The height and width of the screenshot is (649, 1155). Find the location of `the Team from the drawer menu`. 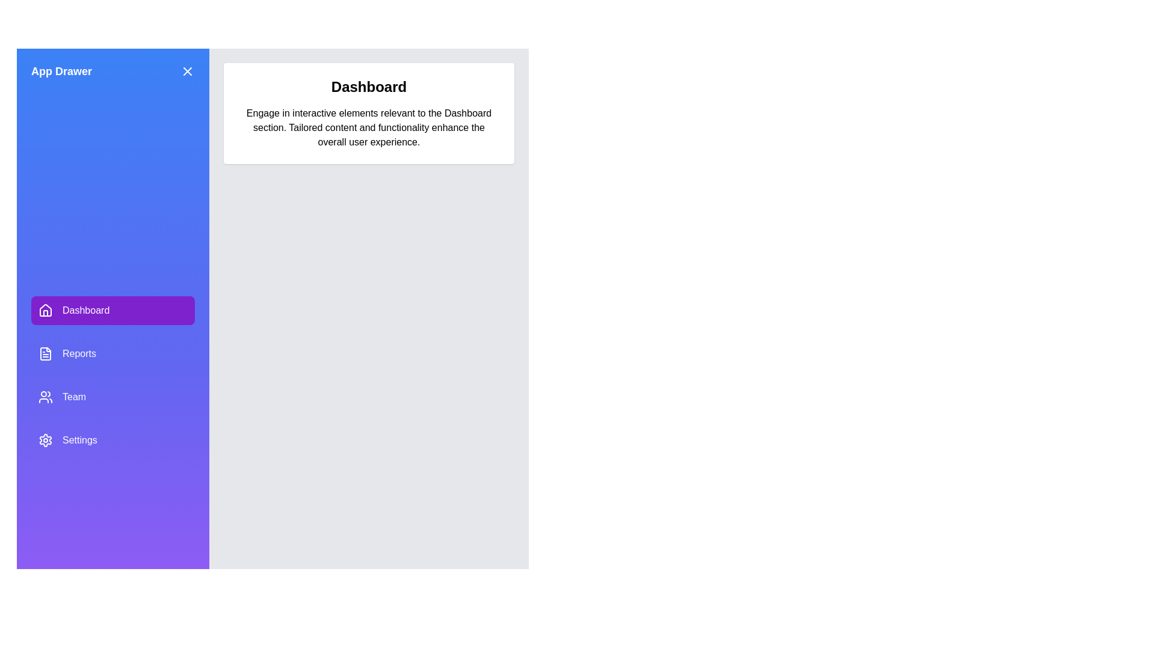

the Team from the drawer menu is located at coordinates (112, 397).